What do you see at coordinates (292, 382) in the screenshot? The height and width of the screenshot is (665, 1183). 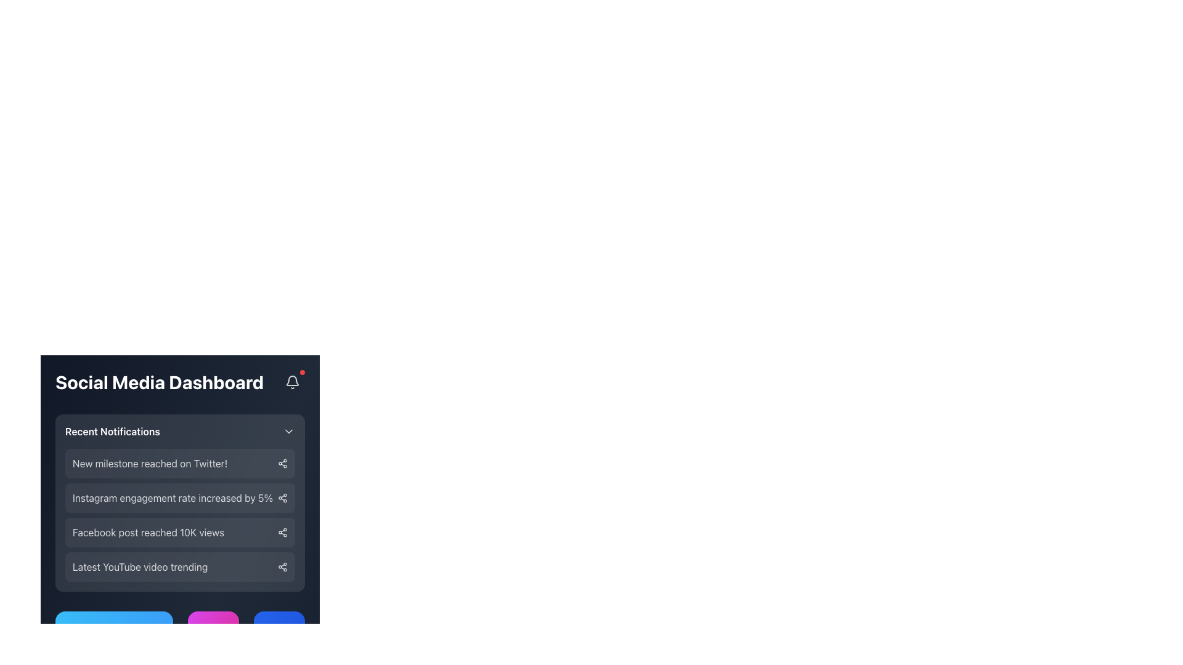 I see `the Interactive icon (notification bell)` at bounding box center [292, 382].